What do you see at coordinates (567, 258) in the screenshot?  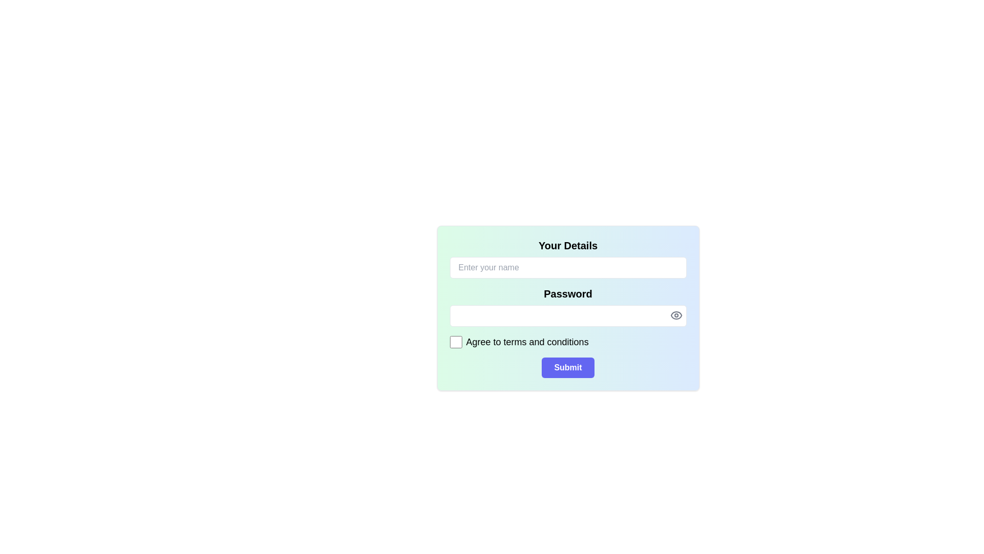 I see `the text input field labeled 'Enter your name' to focus on it` at bounding box center [567, 258].